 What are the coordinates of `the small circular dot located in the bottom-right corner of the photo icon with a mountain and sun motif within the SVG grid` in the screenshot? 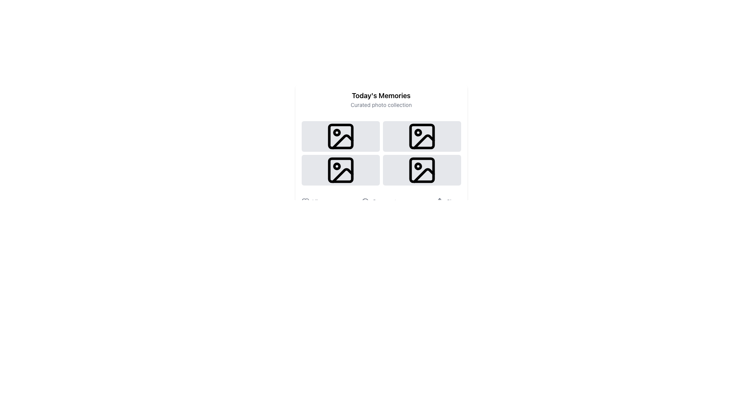 It's located at (417, 166).